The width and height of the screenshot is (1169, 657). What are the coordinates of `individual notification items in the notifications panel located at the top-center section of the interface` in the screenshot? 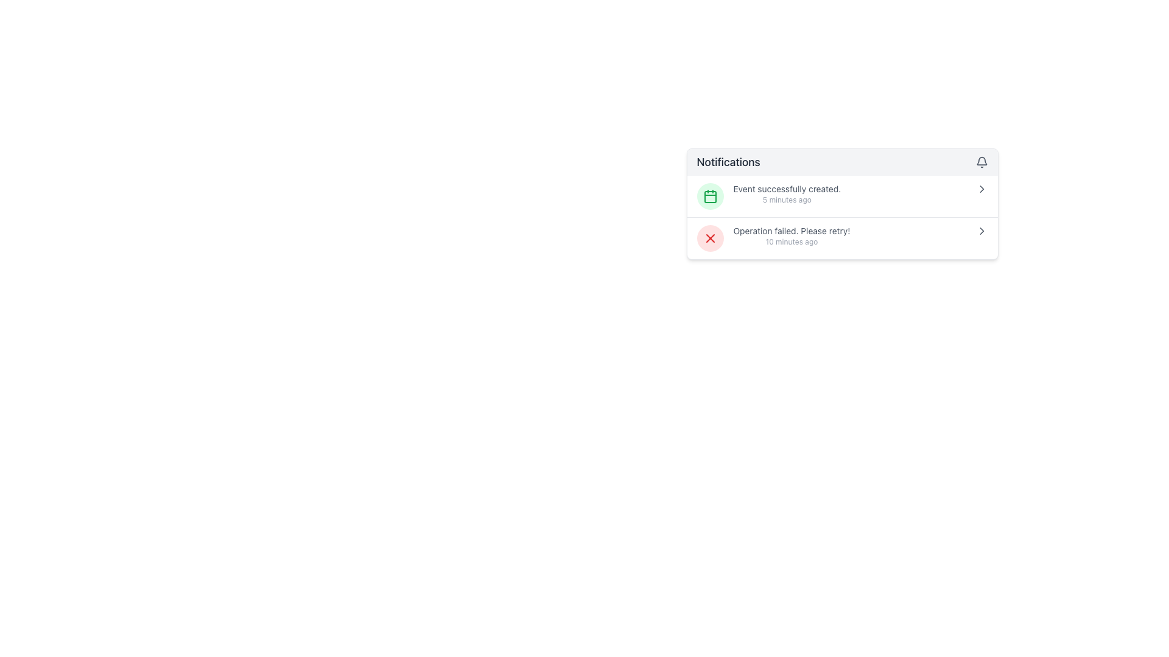 It's located at (841, 203).